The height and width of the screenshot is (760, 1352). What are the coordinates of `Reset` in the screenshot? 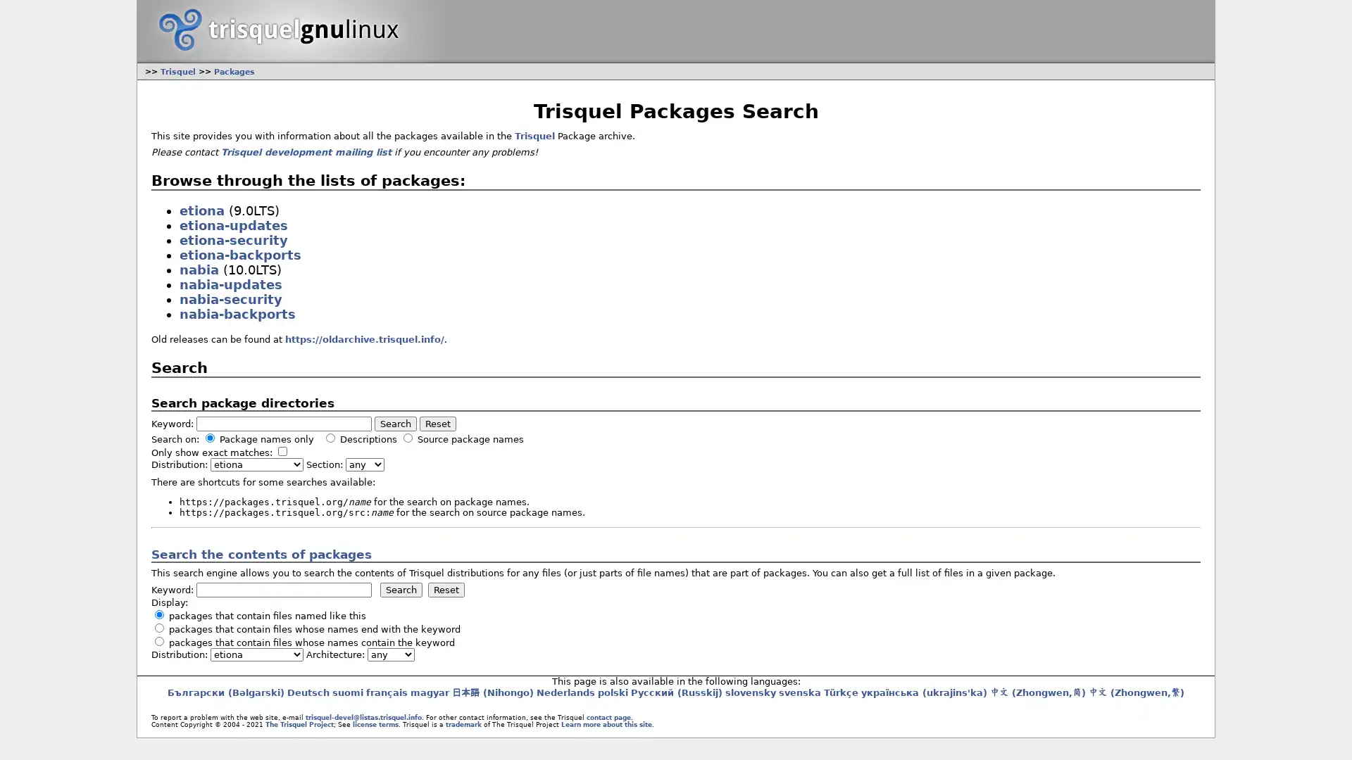 It's located at (436, 423).